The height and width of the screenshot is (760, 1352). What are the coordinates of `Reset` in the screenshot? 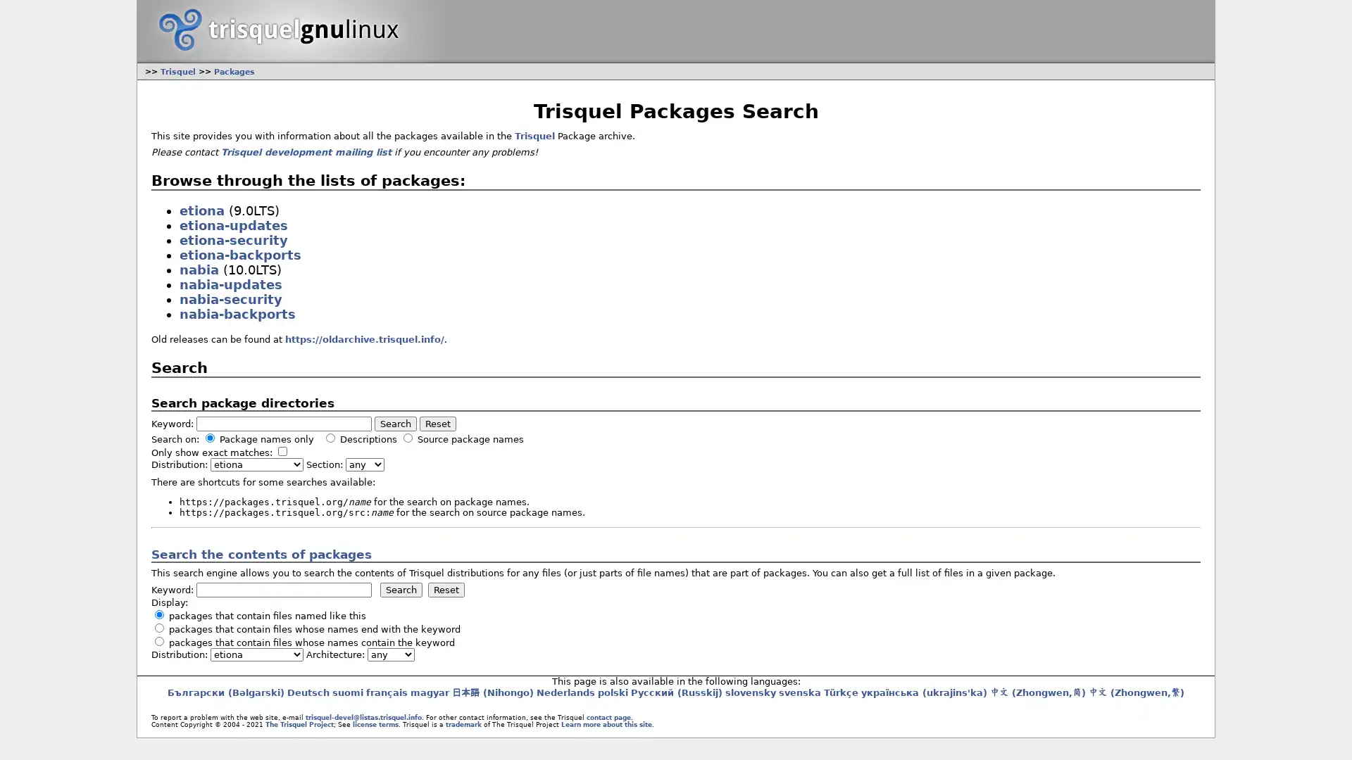 It's located at (436, 423).